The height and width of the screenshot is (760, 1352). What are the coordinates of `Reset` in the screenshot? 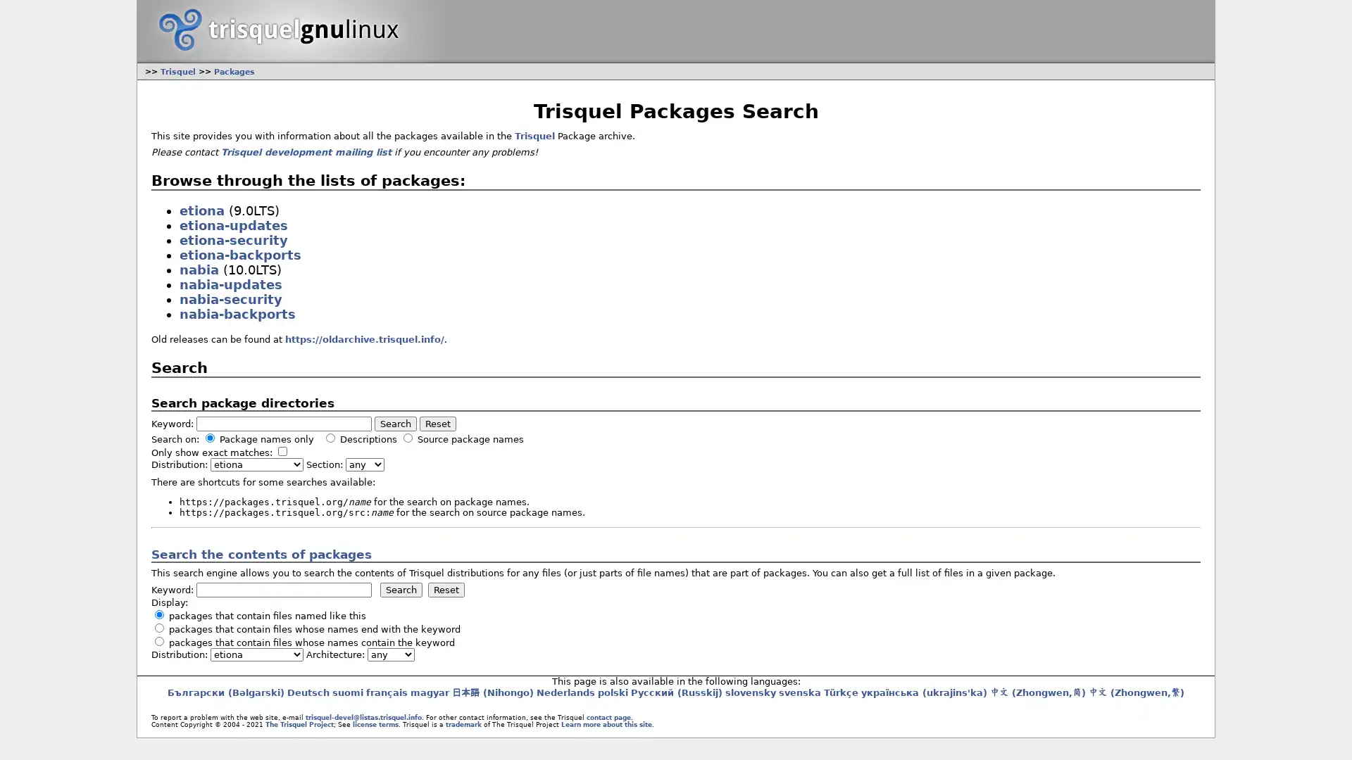 It's located at (436, 423).